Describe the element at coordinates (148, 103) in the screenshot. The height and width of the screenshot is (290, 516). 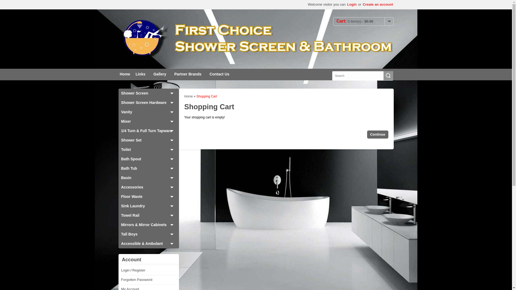
I see `'Shower Screen Hardware'` at that location.